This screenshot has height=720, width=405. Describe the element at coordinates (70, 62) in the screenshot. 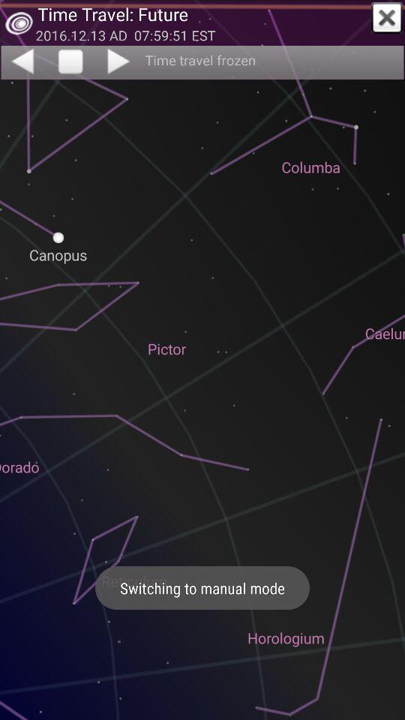

I see `freeze` at that location.